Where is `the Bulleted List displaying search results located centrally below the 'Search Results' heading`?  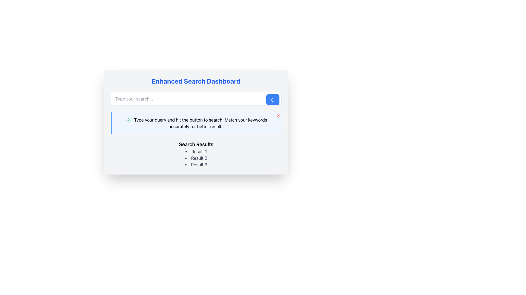 the Bulleted List displaying search results located centrally below the 'Search Results' heading is located at coordinates (196, 158).